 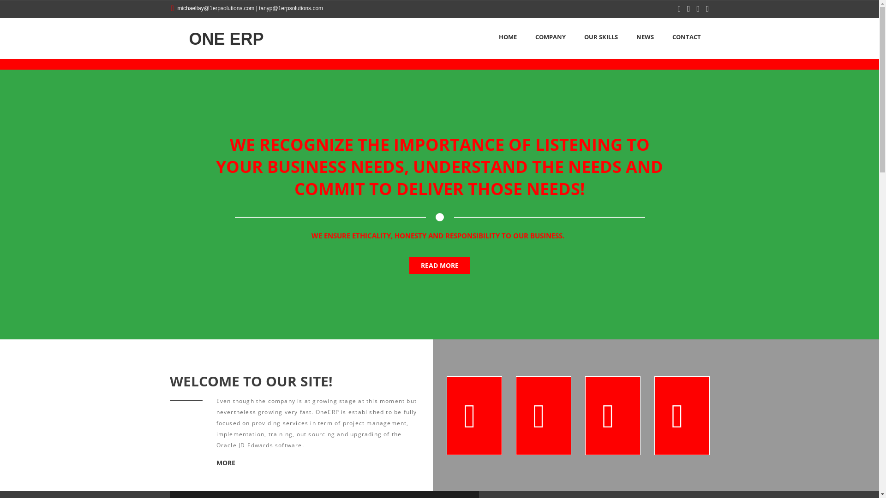 I want to click on 'COMPANY', so click(x=550, y=36).